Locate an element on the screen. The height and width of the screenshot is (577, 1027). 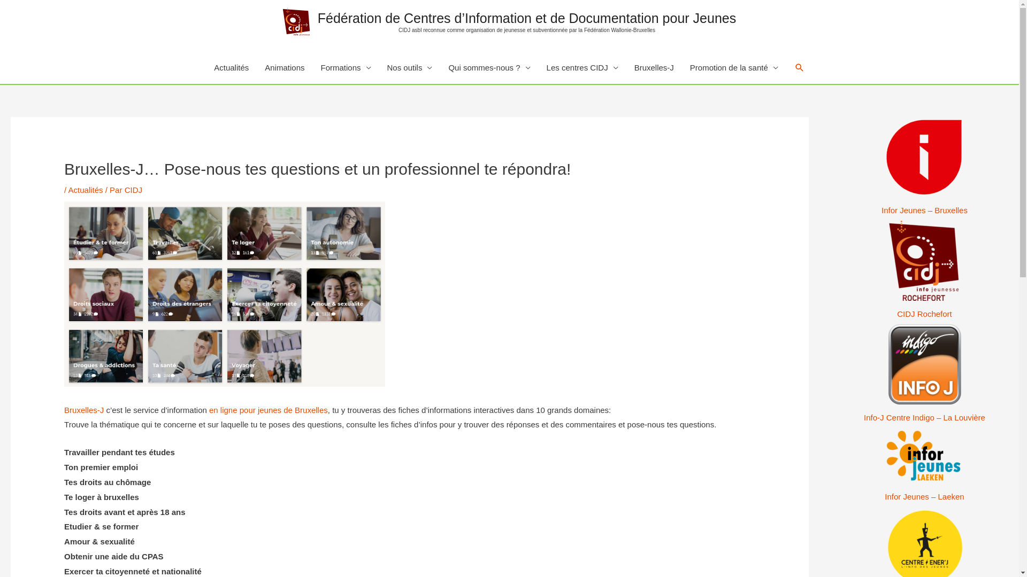
'CIDJ' is located at coordinates (133, 189).